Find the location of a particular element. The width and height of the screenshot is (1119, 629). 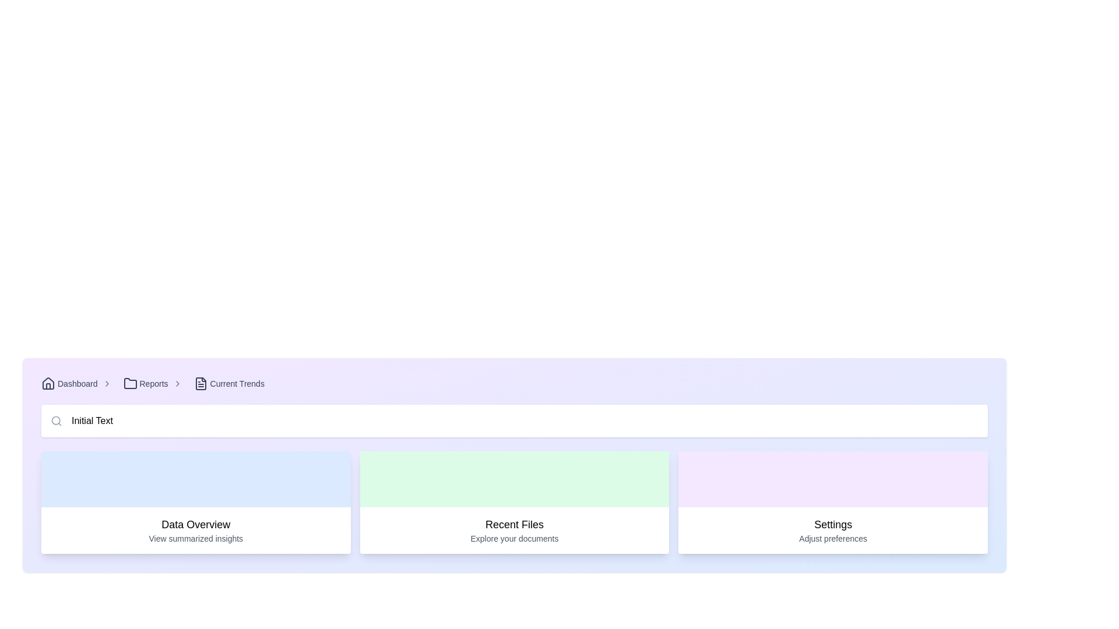

the section title text that indicates the content pertains to recent files, positioned above the text 'Explore your documents' is located at coordinates (514, 525).